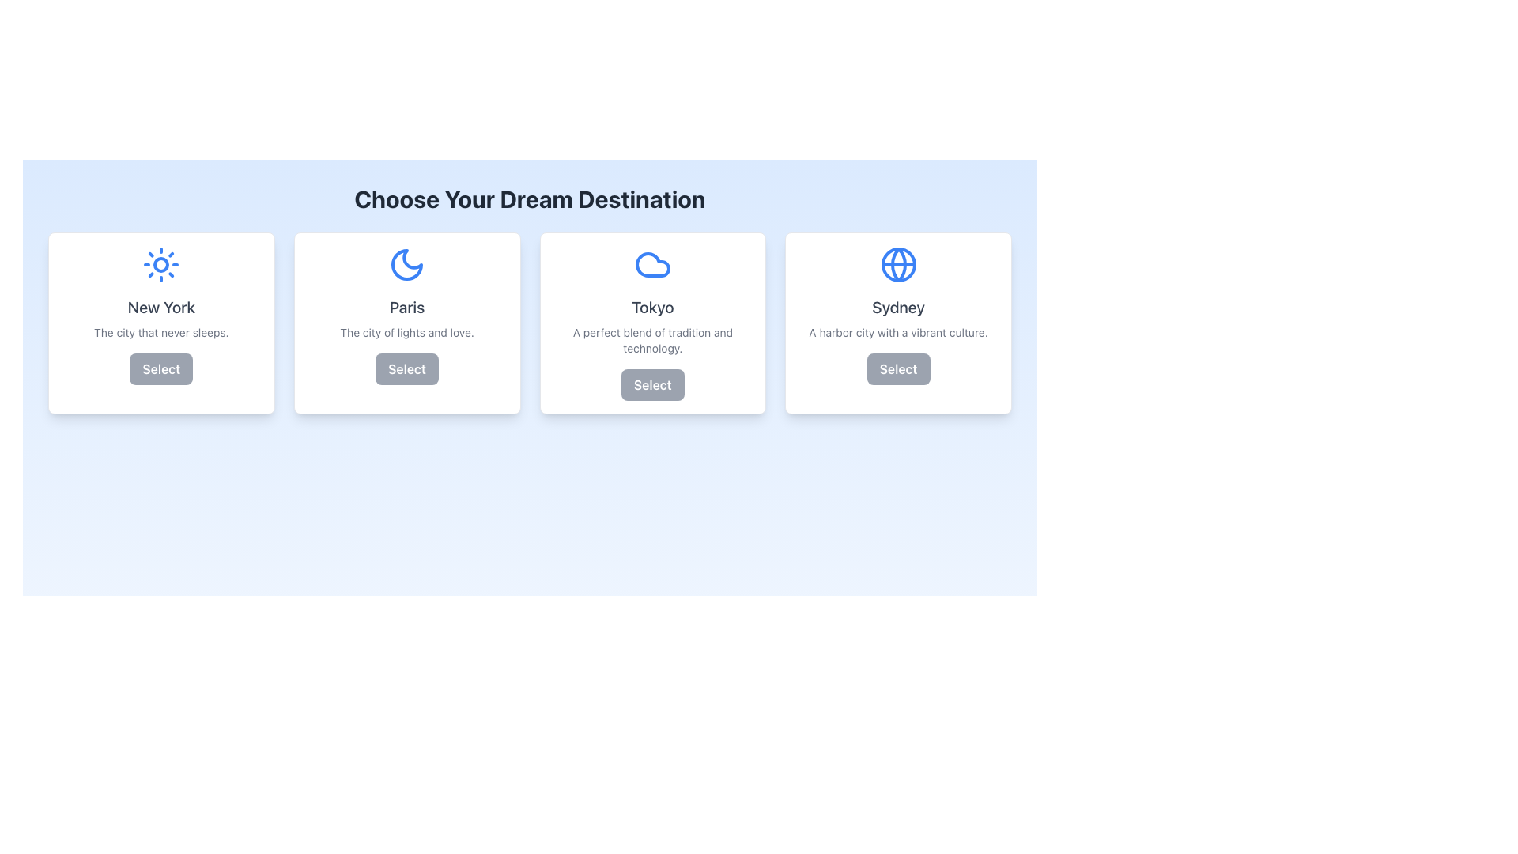 The width and height of the screenshot is (1518, 854). What do you see at coordinates (898, 264) in the screenshot?
I see `the blue globe icon located at the top of the Sydney card, which is the first visual component in a row of city cards` at bounding box center [898, 264].